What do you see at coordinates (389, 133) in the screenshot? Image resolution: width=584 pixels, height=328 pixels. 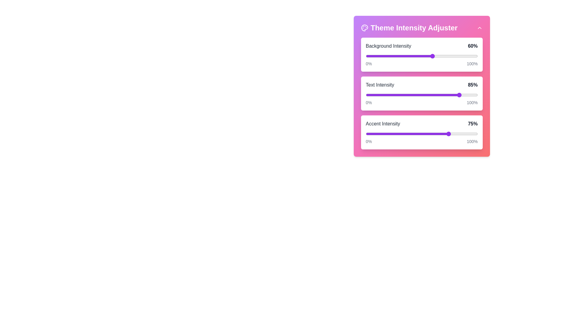 I see `the accent intensity` at bounding box center [389, 133].